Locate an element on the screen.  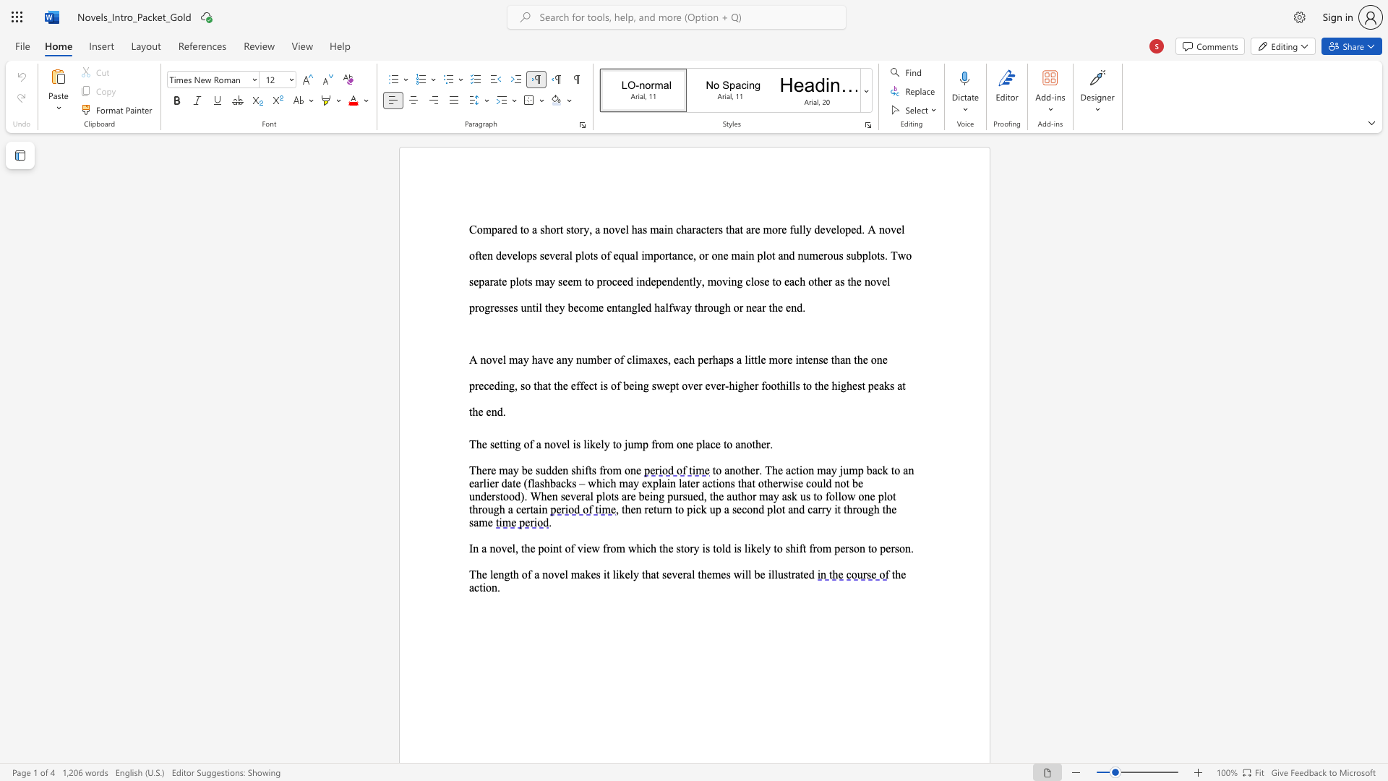
the subset text "e place to anoth" within the text "The setting of a novel is likely to jump from one place to another." is located at coordinates (687, 443).